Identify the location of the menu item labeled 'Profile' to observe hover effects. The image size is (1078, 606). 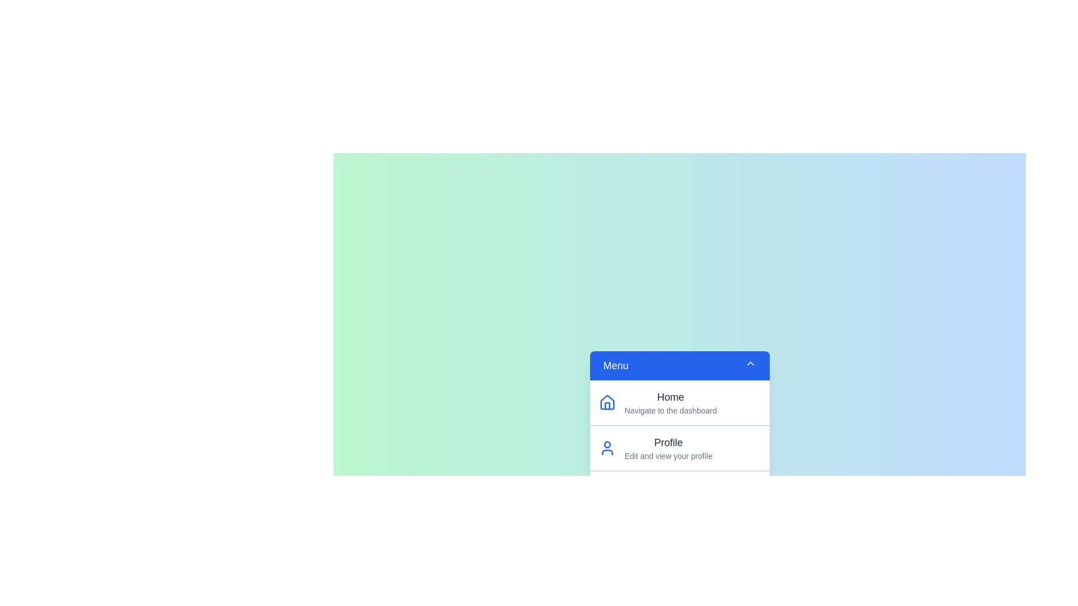
(679, 447).